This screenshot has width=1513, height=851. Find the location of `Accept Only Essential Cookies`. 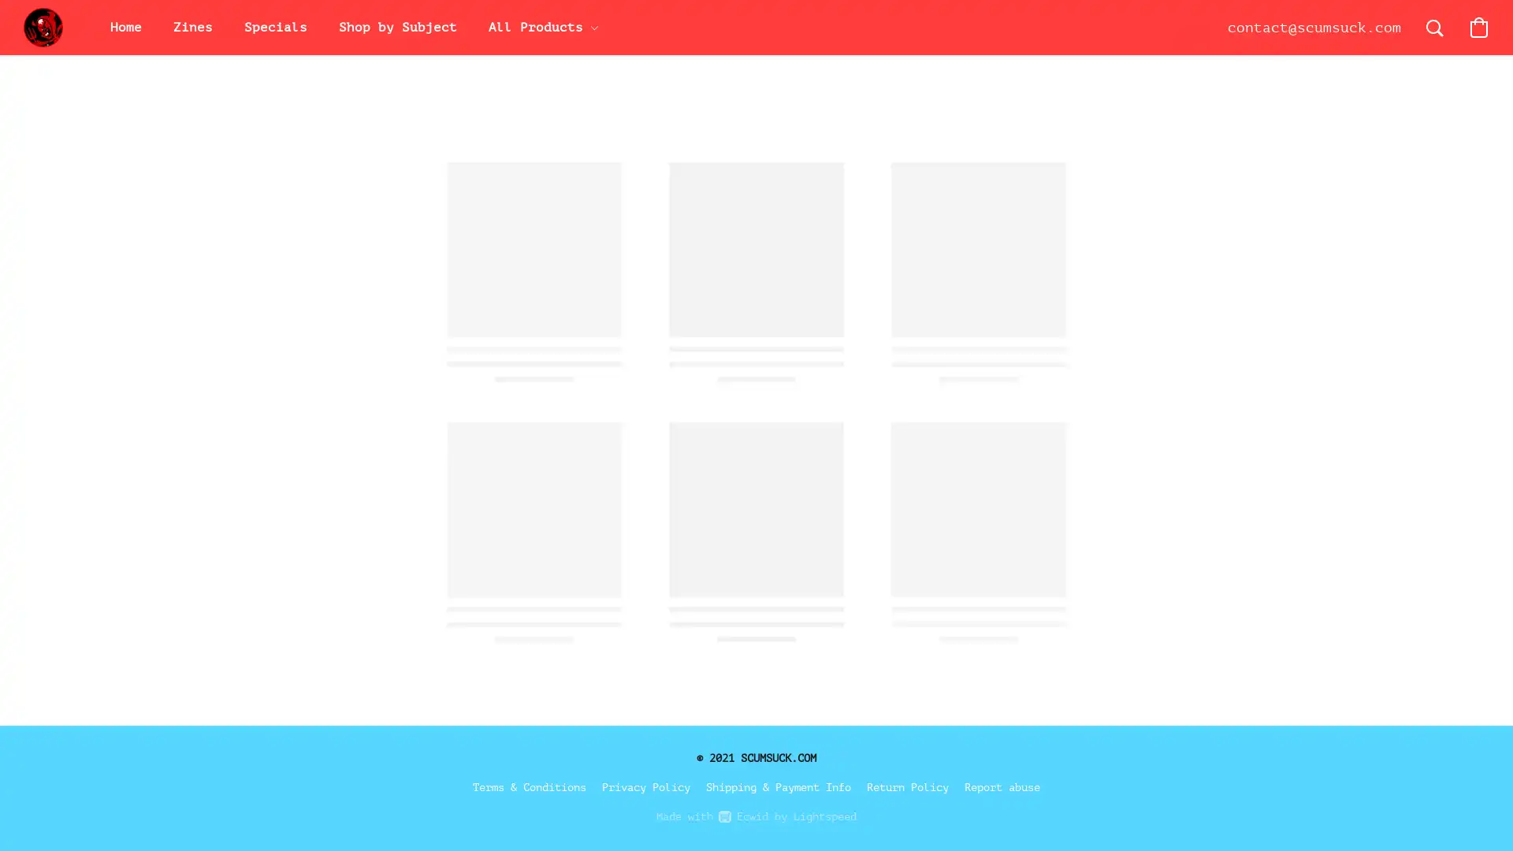

Accept Only Essential Cookies is located at coordinates (1290, 561).